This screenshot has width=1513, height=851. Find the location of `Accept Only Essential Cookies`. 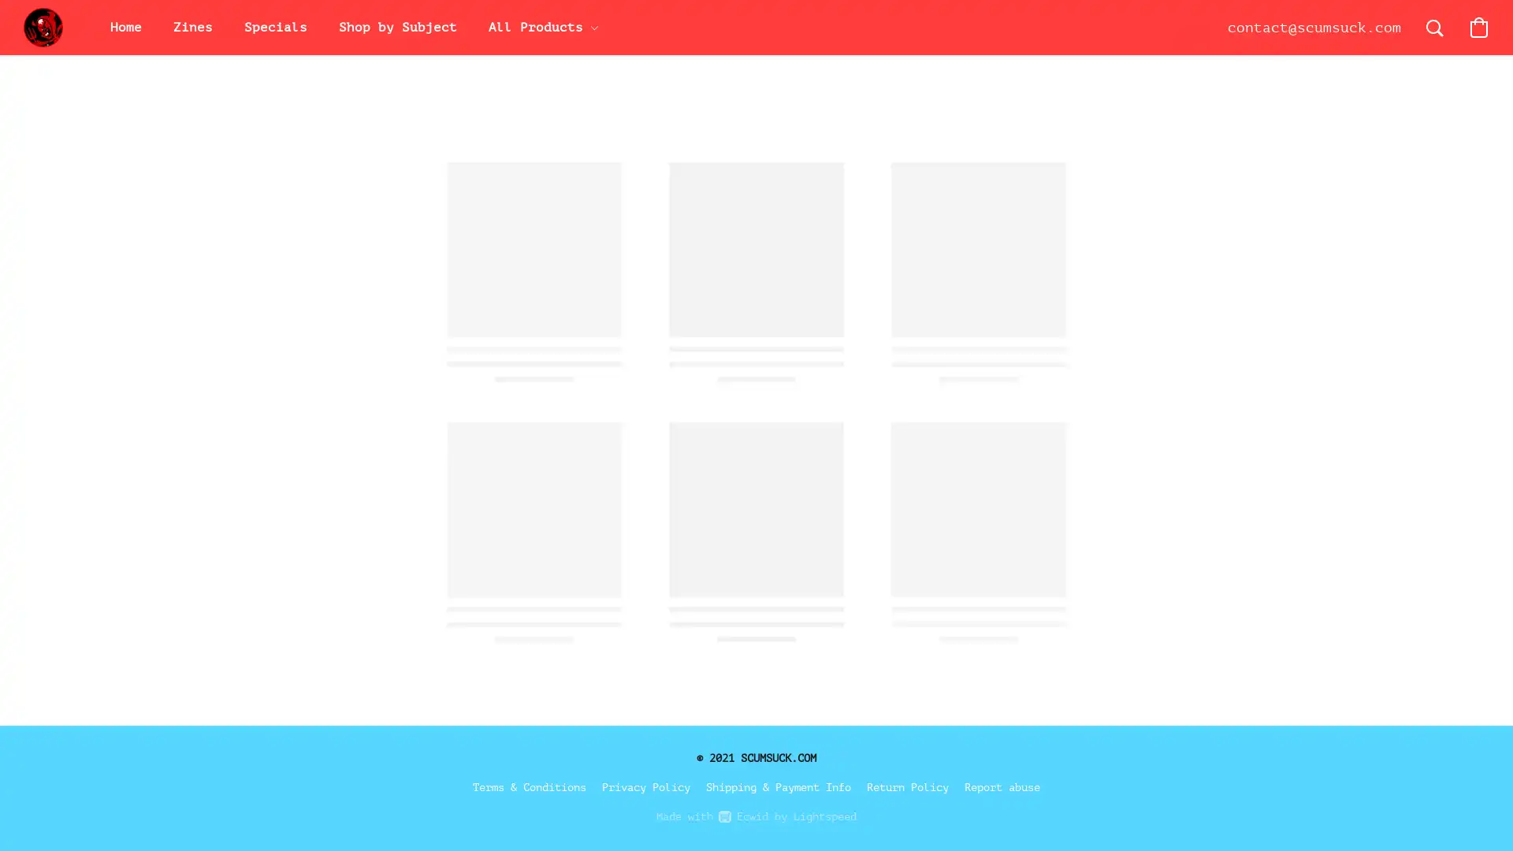

Accept Only Essential Cookies is located at coordinates (1290, 561).